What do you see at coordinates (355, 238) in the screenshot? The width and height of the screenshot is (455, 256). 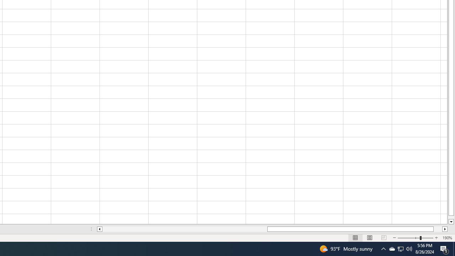 I see `'Normal'` at bounding box center [355, 238].